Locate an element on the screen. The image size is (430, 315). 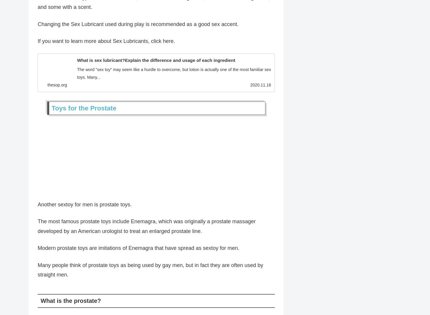
'Toys for the Prostate' is located at coordinates (84, 110).